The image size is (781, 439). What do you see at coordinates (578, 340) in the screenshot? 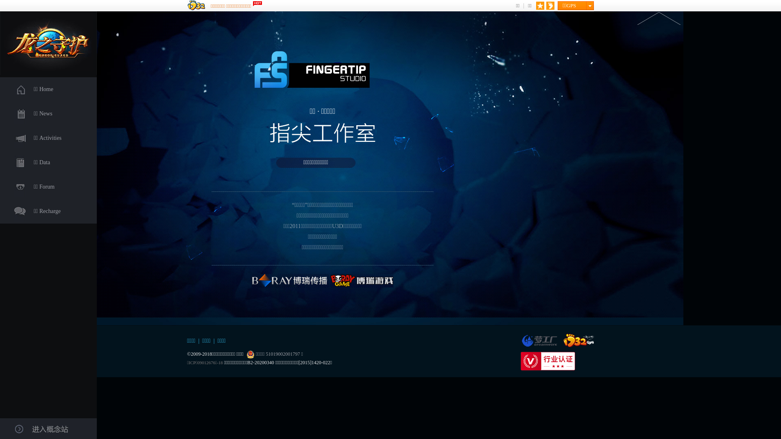
I see `'1732'` at bounding box center [578, 340].